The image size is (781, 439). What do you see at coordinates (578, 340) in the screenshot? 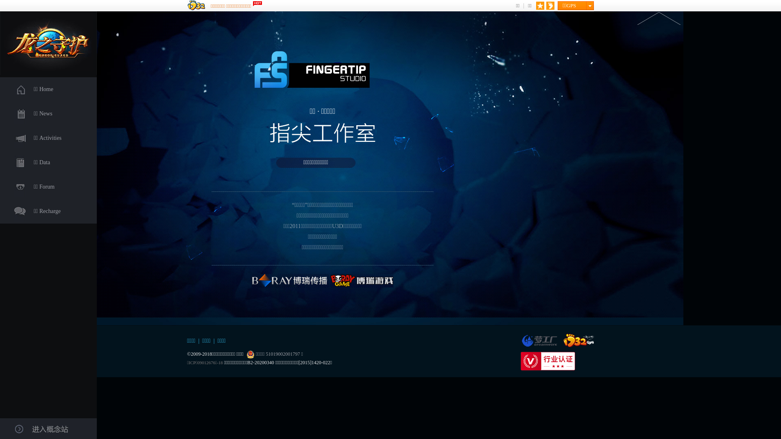
I see `'1732'` at bounding box center [578, 340].